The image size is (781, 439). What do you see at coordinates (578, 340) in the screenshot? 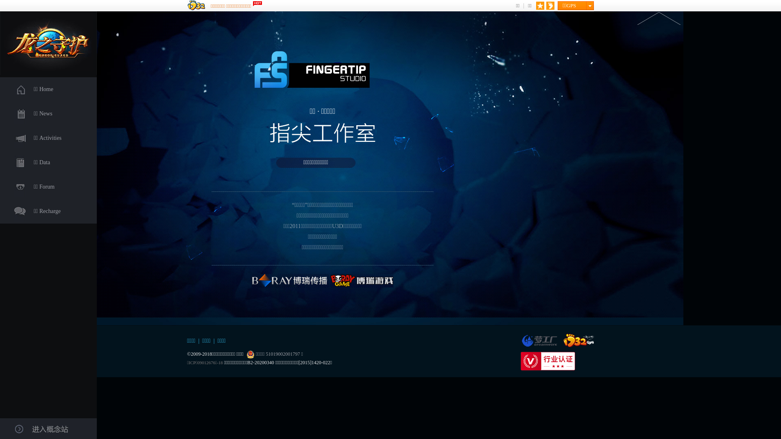
I see `'1732'` at bounding box center [578, 340].